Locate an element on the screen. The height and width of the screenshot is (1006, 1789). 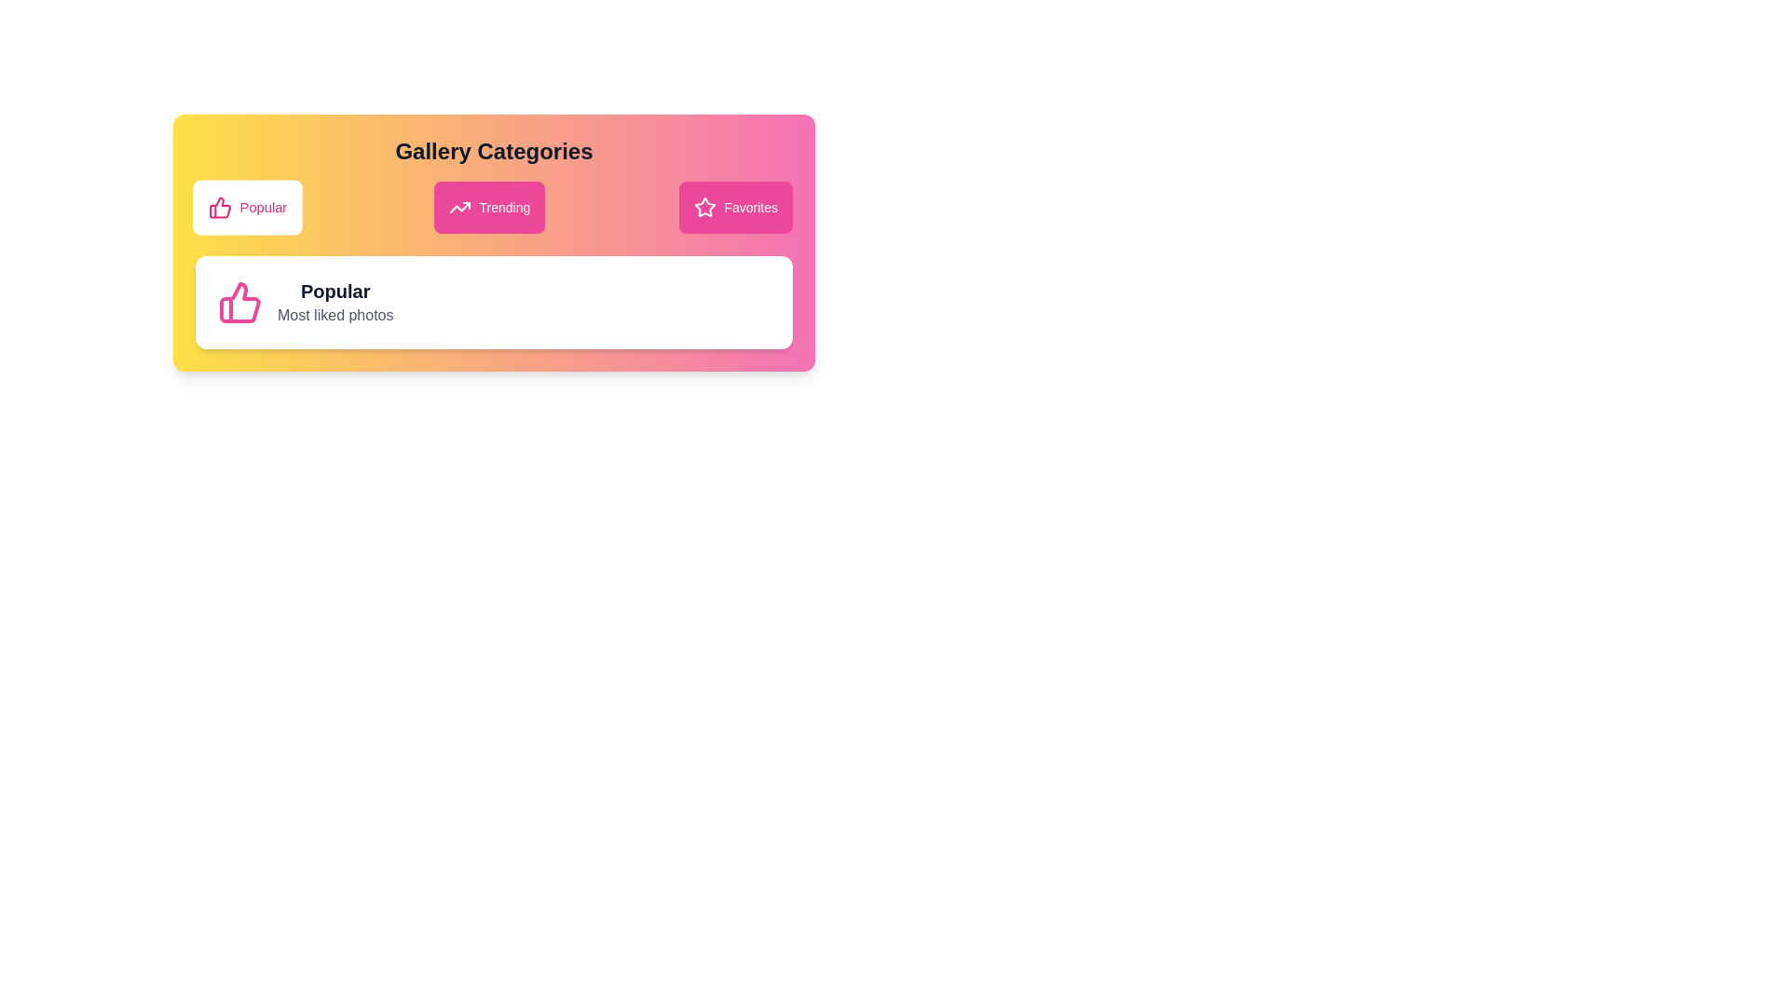
'Popular' text label which is bold and larger-font in black, located in the lower left quadrant of the 'Gallery Categories' section, adjacent to a pink thumbs-up icon is located at coordinates (335, 301).